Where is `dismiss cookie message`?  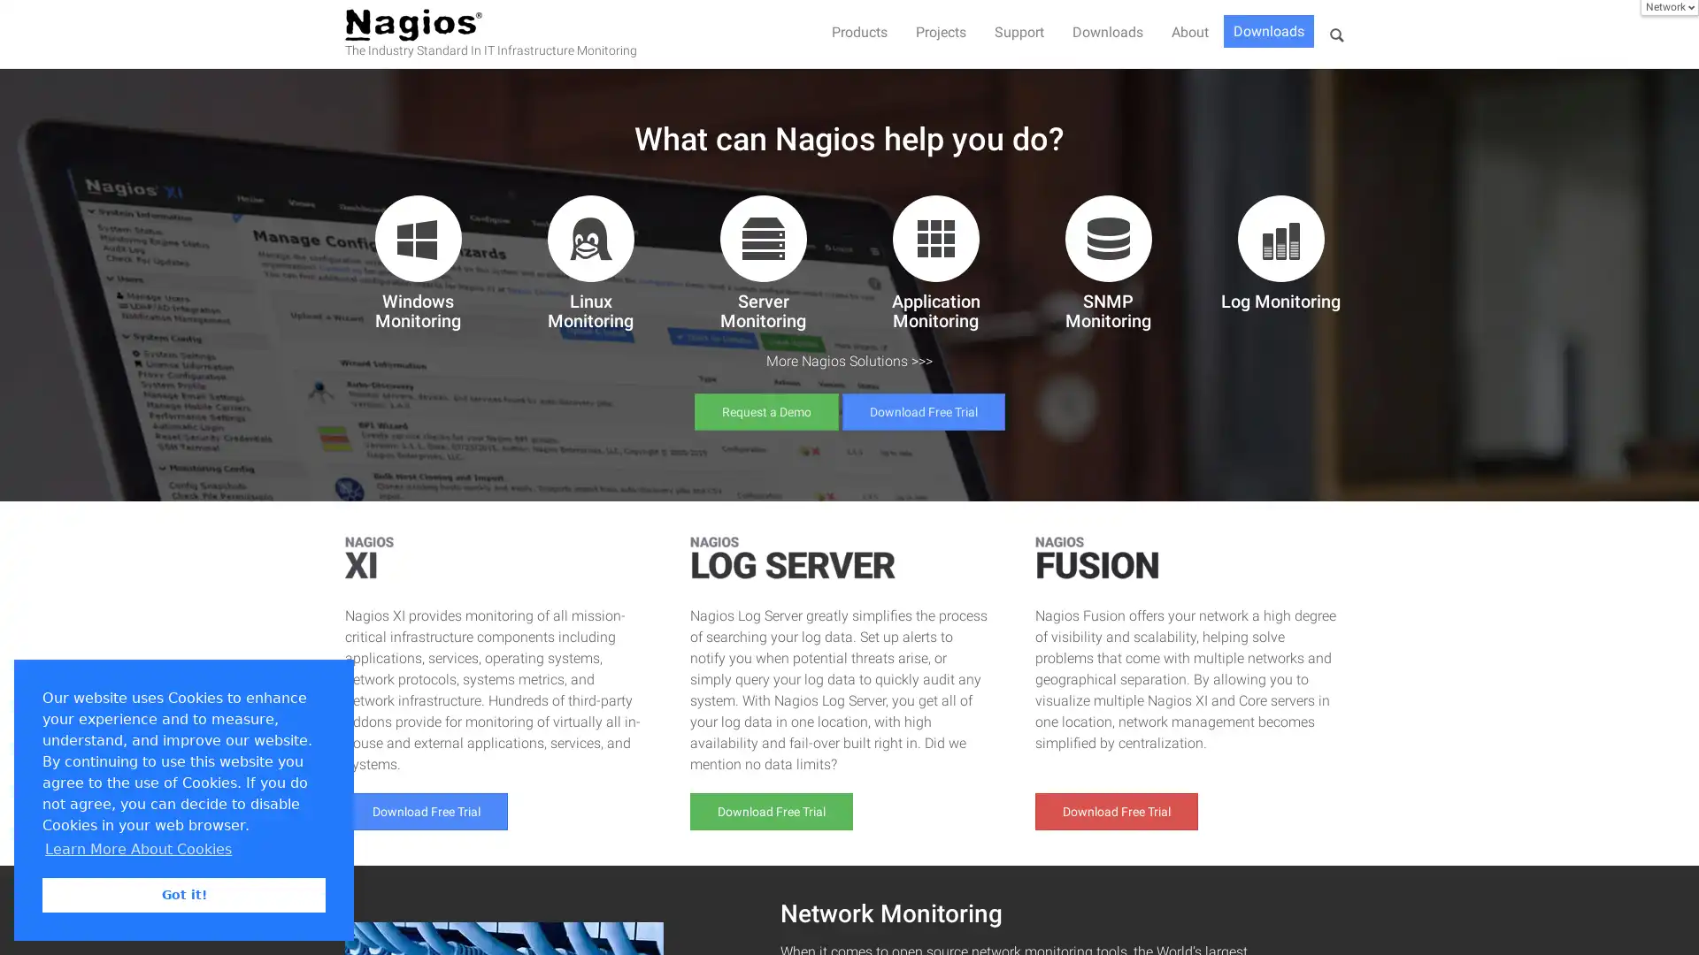 dismiss cookie message is located at coordinates (183, 894).